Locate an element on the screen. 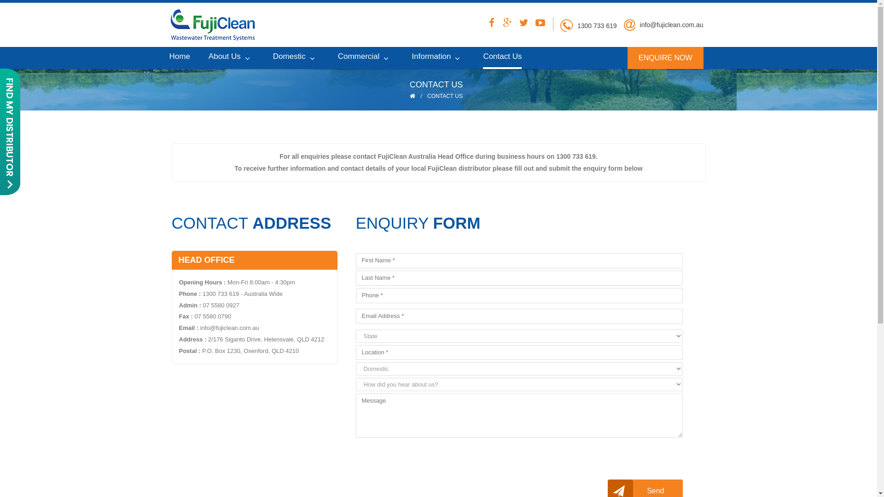 Image resolution: width=884 pixels, height=497 pixels. 'Facebook' is located at coordinates (483, 24).